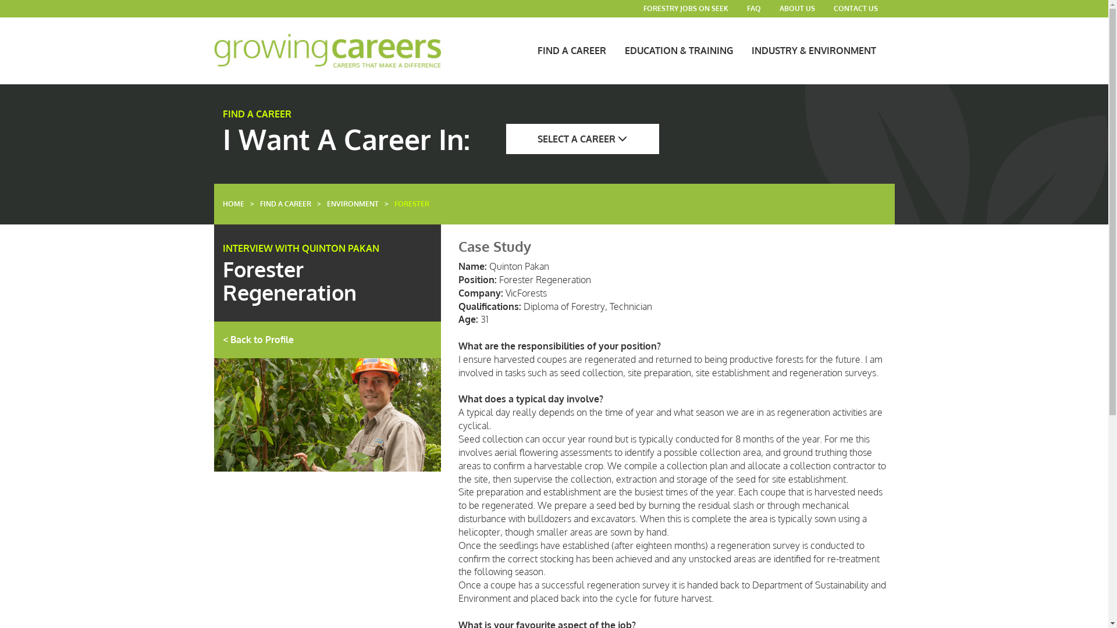 The width and height of the screenshot is (1117, 628). Describe the element at coordinates (259, 204) in the screenshot. I see `'FIND A CAREER'` at that location.